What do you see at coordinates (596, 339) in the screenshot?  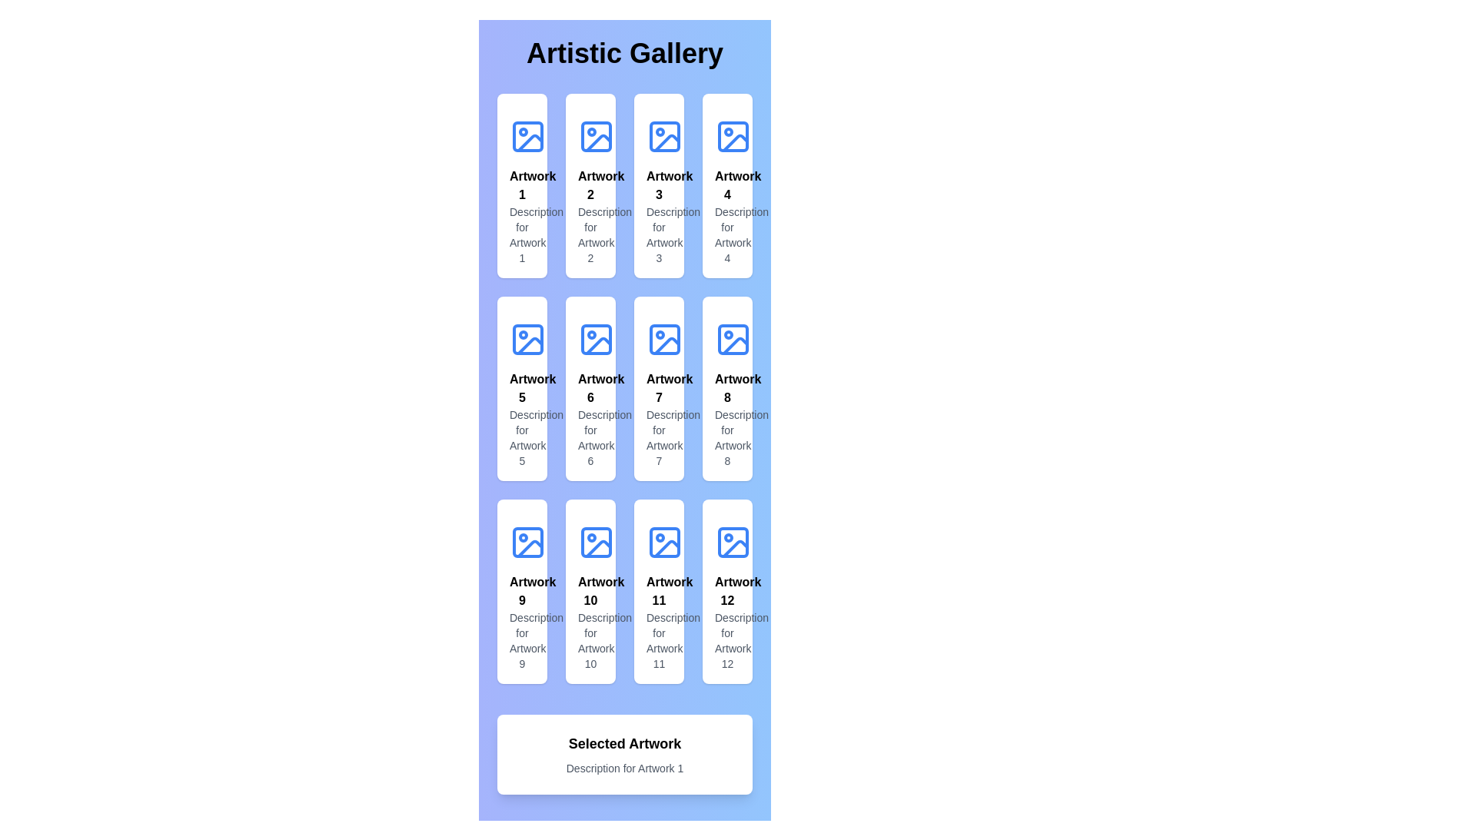 I see `the SVG rectangle component representing the image placeholder for Artwork 6, located in the center of the sixth artwork's icon in the grid layout` at bounding box center [596, 339].